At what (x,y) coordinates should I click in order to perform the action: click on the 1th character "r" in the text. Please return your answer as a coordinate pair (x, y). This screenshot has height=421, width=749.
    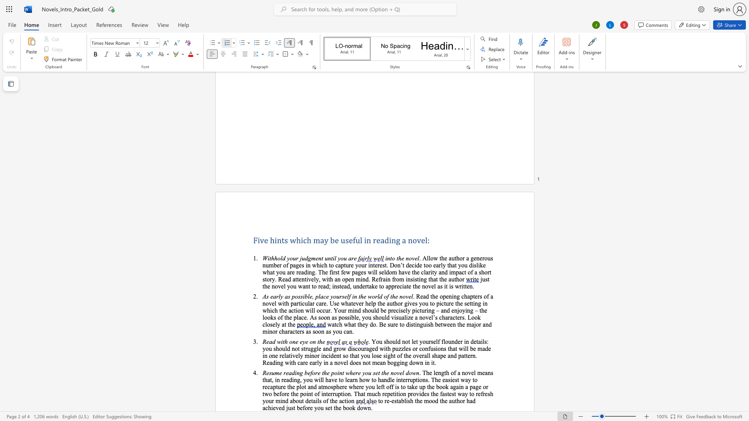
    Looking at the image, I should click on (385, 401).